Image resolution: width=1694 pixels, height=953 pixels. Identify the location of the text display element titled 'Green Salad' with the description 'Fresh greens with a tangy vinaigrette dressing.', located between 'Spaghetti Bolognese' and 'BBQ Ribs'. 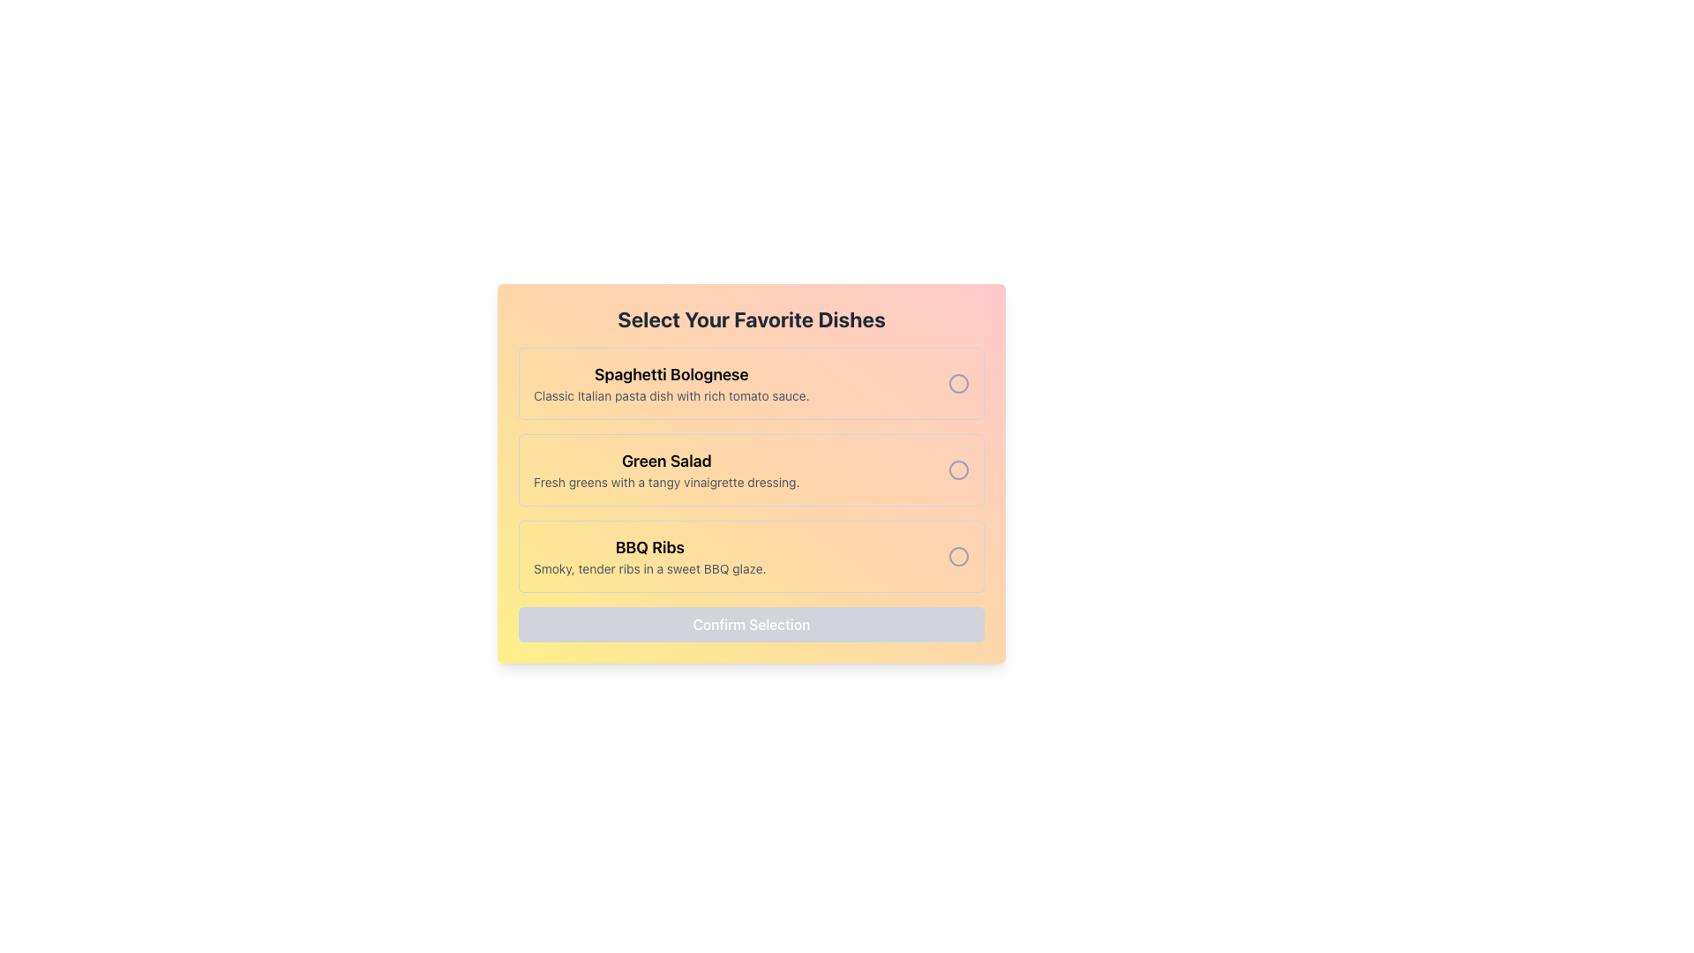
(665, 469).